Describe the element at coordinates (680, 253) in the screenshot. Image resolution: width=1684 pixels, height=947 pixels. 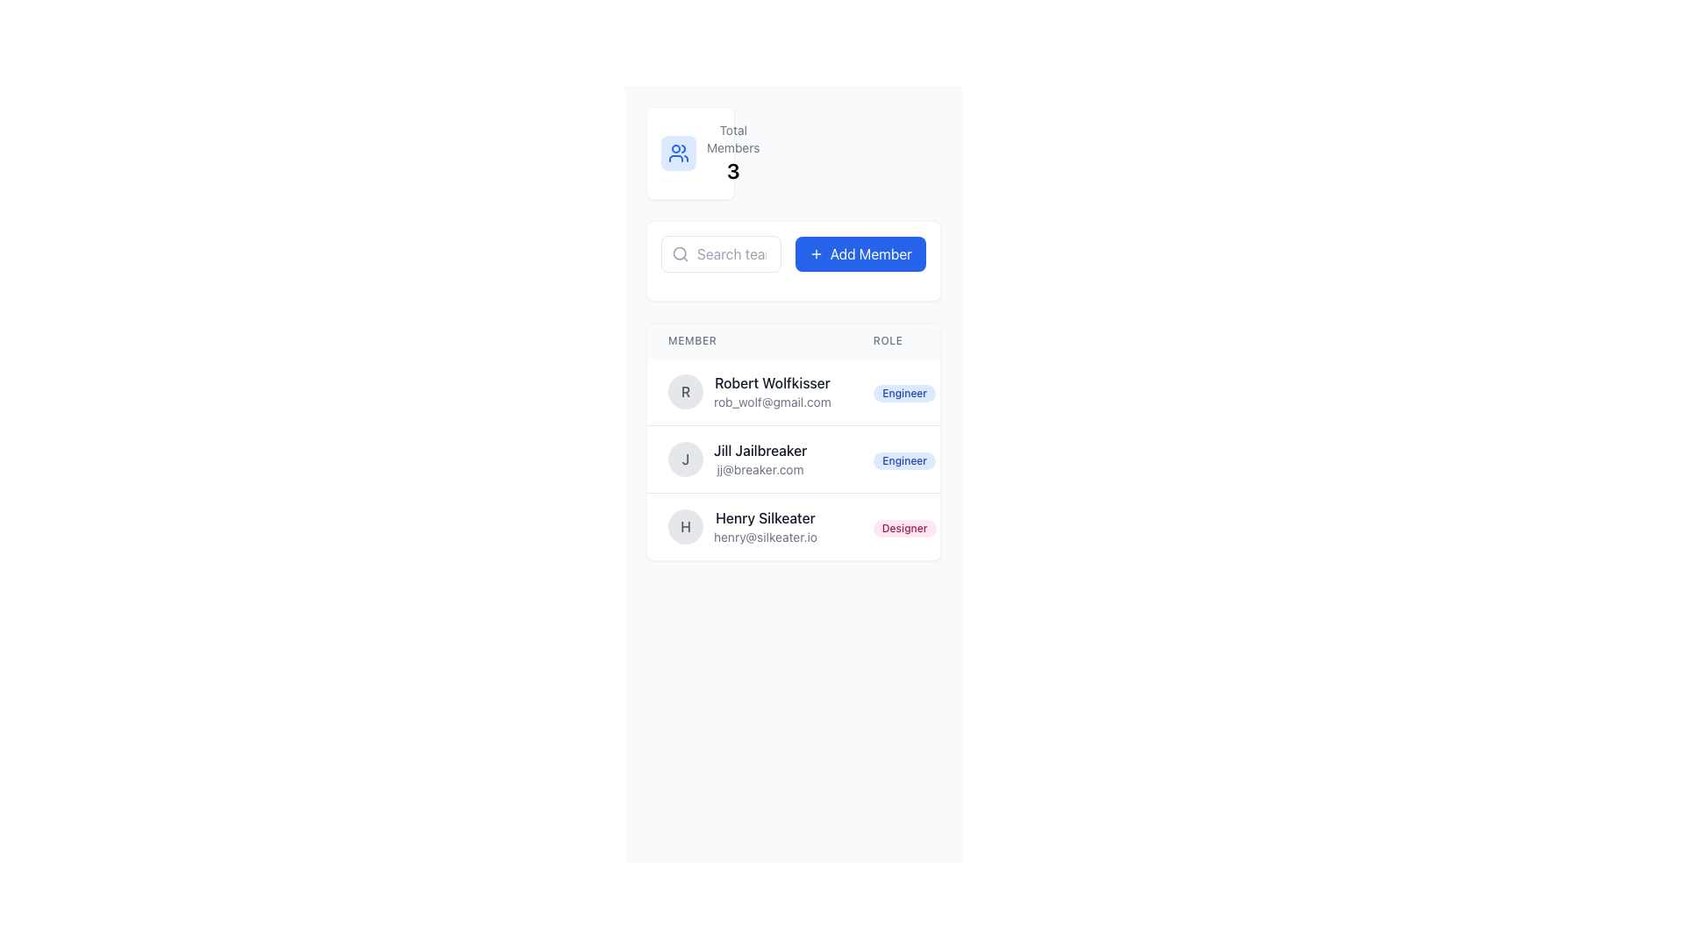
I see `the gray magnifying glass icon located to the left of the search input field, which is used for the search action` at that location.